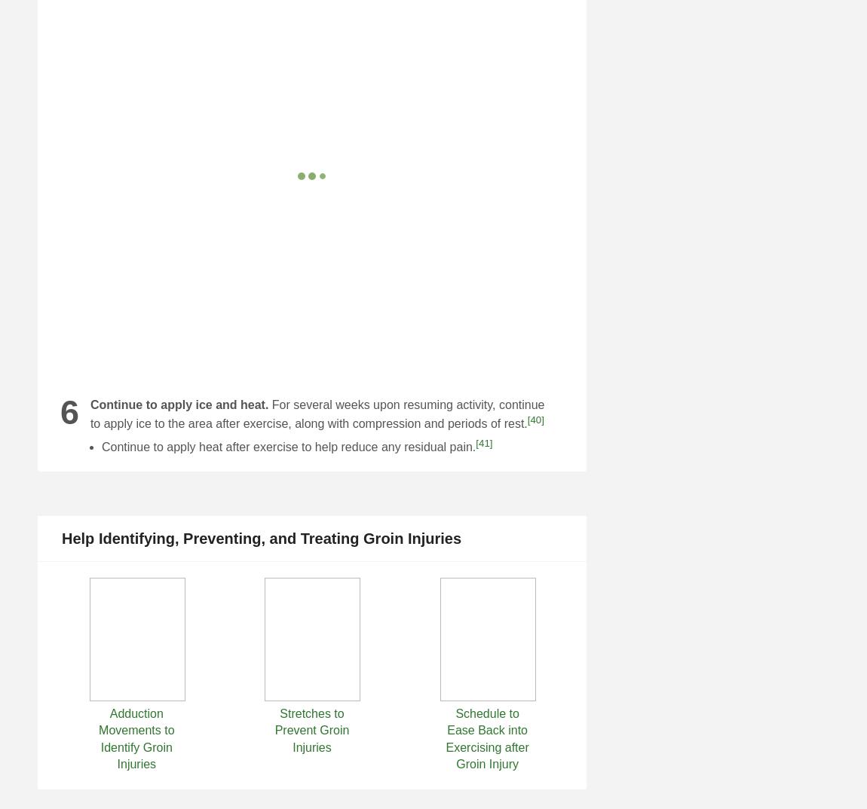  Describe the element at coordinates (89, 413) in the screenshot. I see `'For several weeks upon resuming activity, continue to apply ice to the area after exercise, along with compression and periods of rest.'` at that location.